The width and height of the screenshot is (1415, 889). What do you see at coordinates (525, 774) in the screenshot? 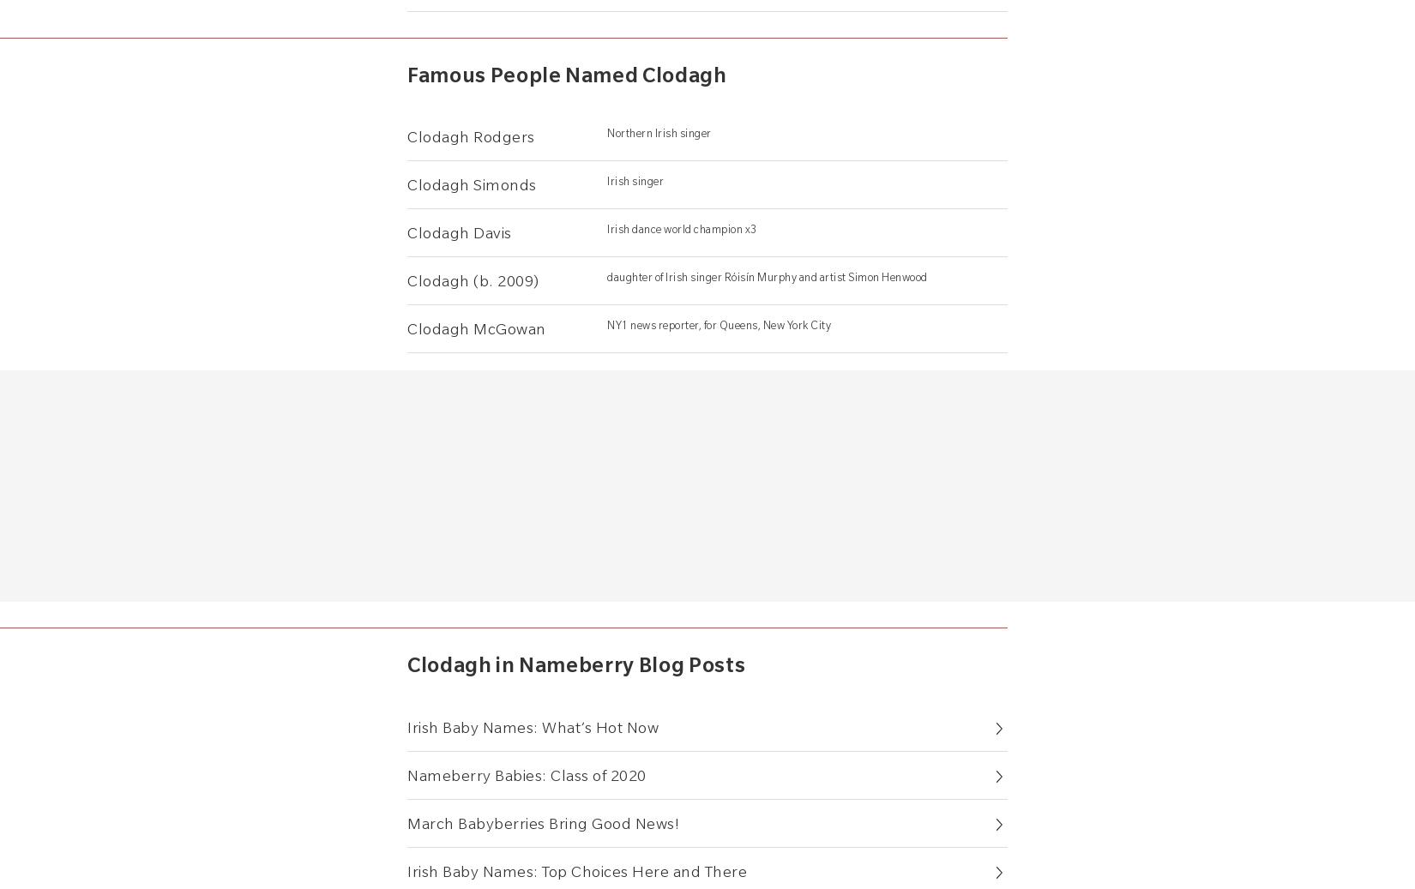
I see `'Nameberry Babies: Class of 2020'` at bounding box center [525, 774].